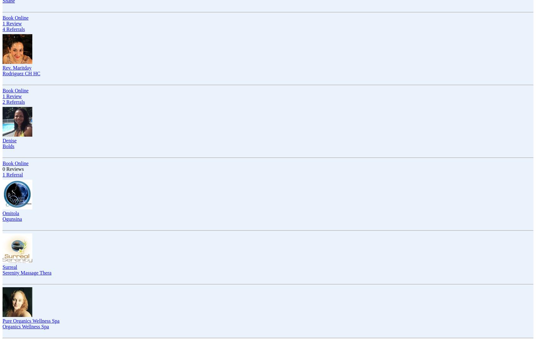  Describe the element at coordinates (12, 219) in the screenshot. I see `'Ogunsina'` at that location.